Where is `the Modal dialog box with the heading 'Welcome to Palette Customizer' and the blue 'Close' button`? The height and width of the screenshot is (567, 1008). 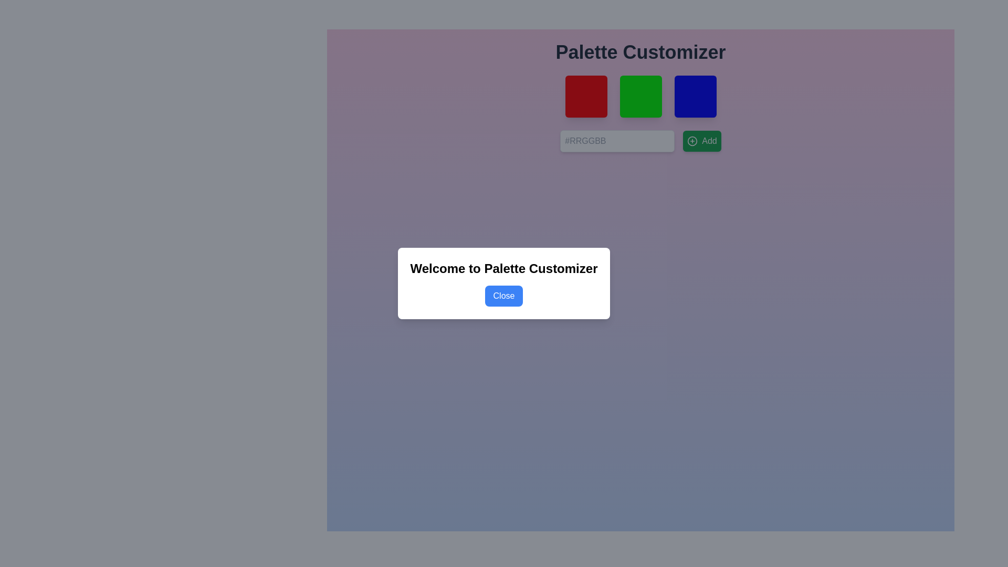 the Modal dialog box with the heading 'Welcome to Palette Customizer' and the blue 'Close' button is located at coordinates (504, 283).